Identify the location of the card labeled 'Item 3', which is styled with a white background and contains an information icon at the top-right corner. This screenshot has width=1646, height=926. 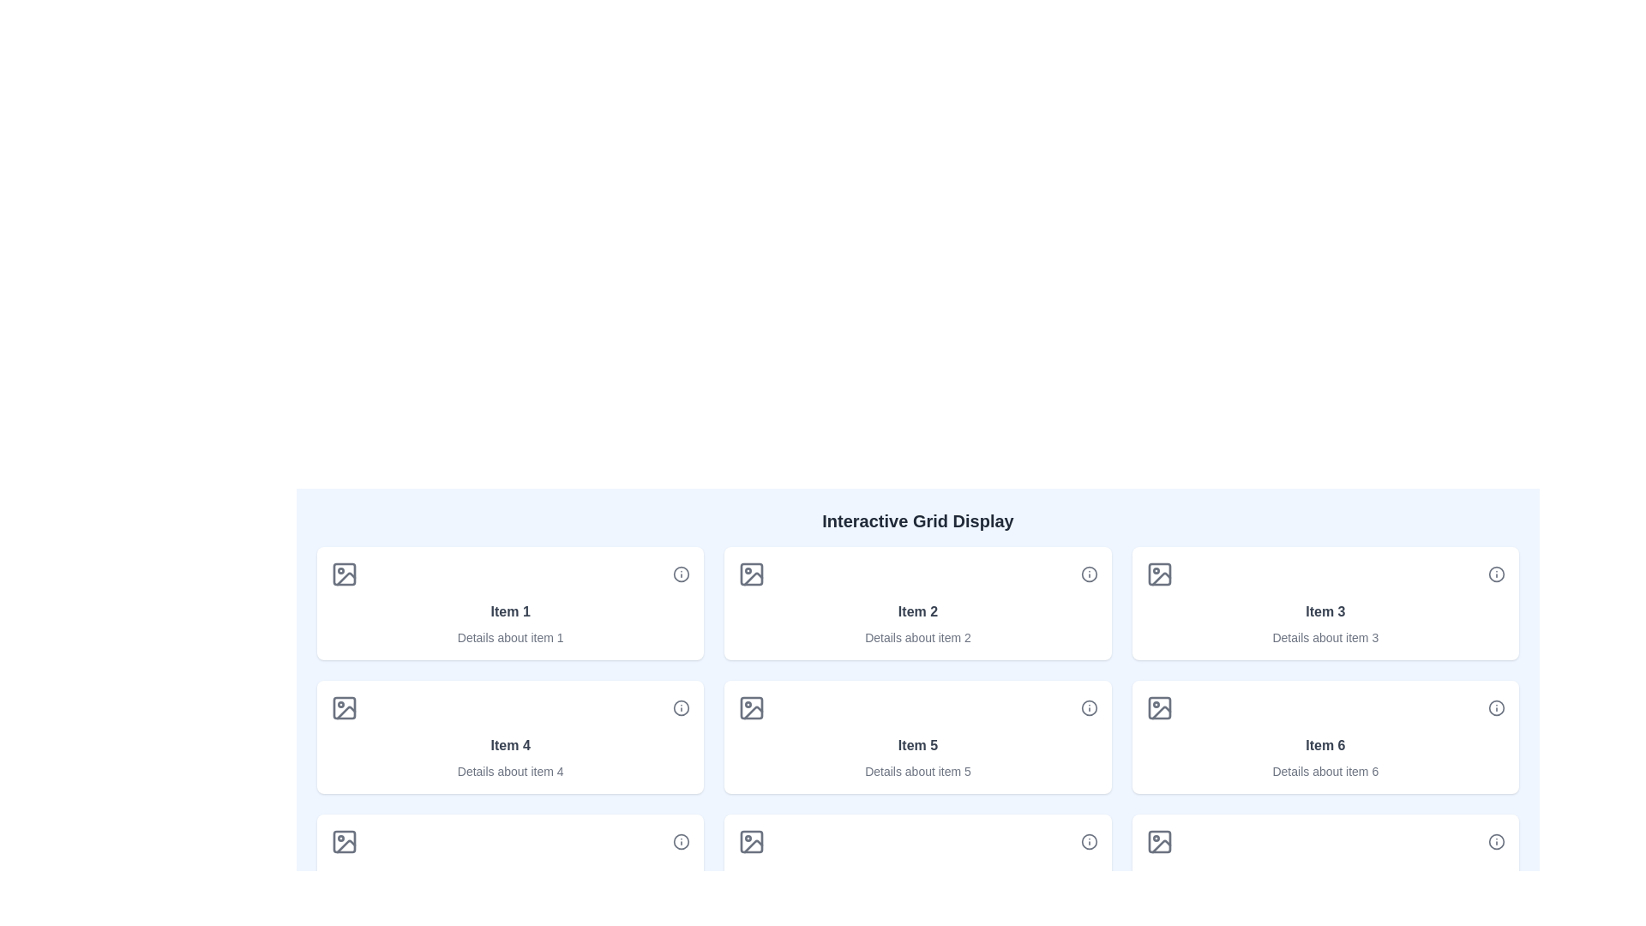
(1325, 603).